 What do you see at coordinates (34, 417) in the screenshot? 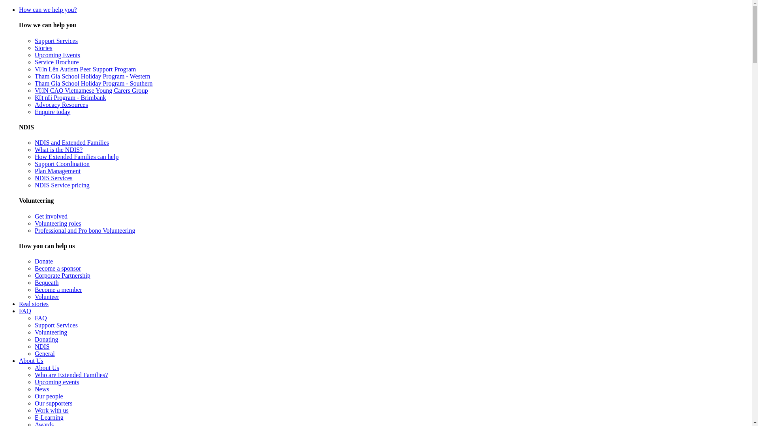
I see `'E-Learning'` at bounding box center [34, 417].